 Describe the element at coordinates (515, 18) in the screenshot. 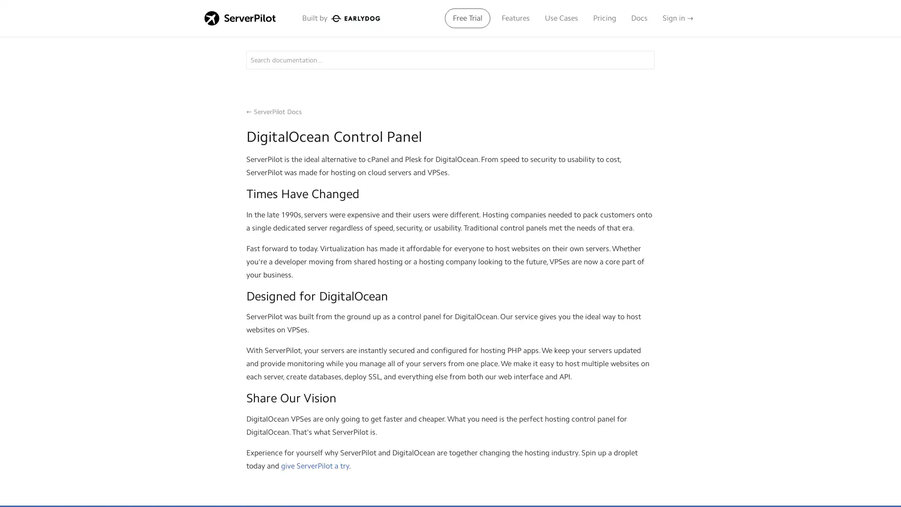

I see `Features` at that location.